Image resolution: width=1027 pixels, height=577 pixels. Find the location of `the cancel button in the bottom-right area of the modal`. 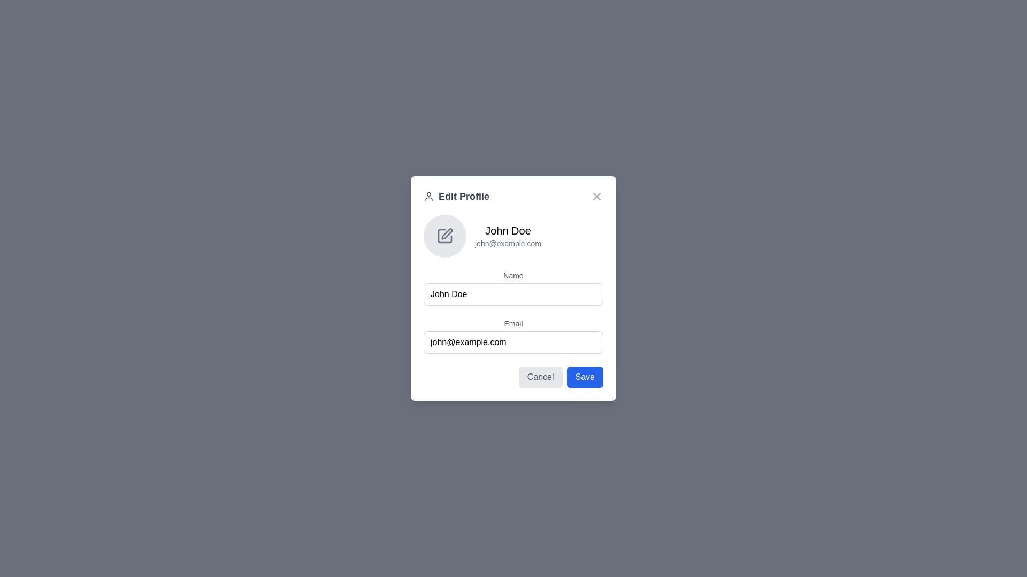

the cancel button in the bottom-right area of the modal is located at coordinates (540, 376).